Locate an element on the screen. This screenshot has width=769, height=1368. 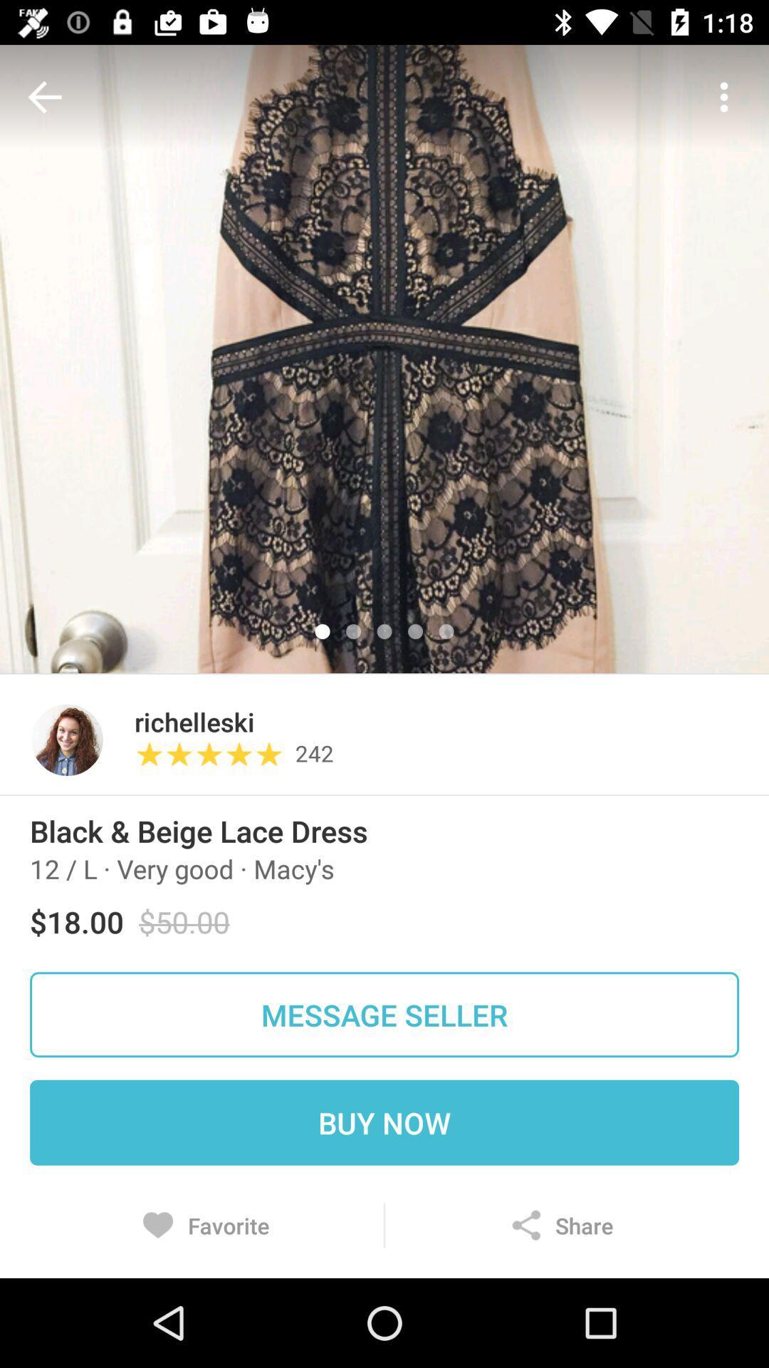
the share option is located at coordinates (562, 1224).